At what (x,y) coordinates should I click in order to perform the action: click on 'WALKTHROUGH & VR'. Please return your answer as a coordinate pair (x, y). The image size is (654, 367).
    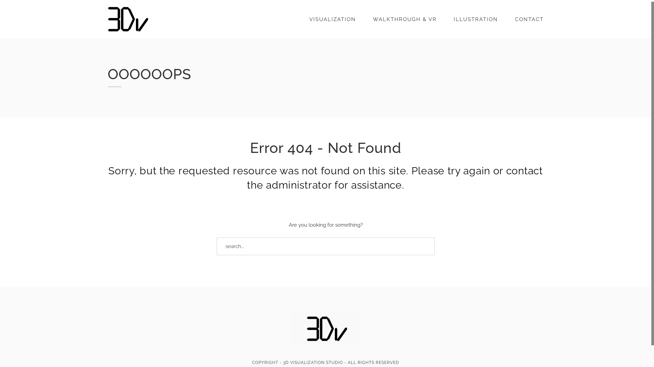
    Looking at the image, I should click on (405, 19).